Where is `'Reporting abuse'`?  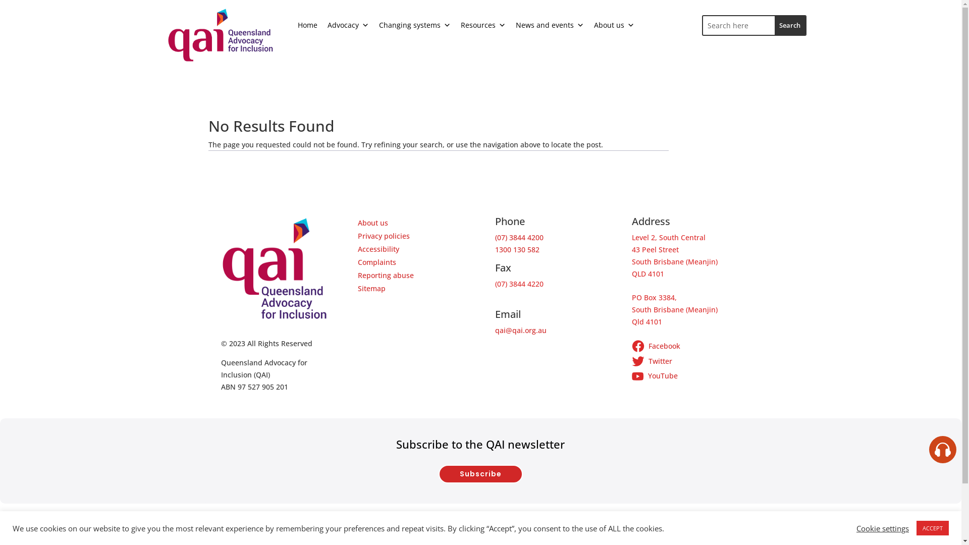
'Reporting abuse' is located at coordinates (358, 275).